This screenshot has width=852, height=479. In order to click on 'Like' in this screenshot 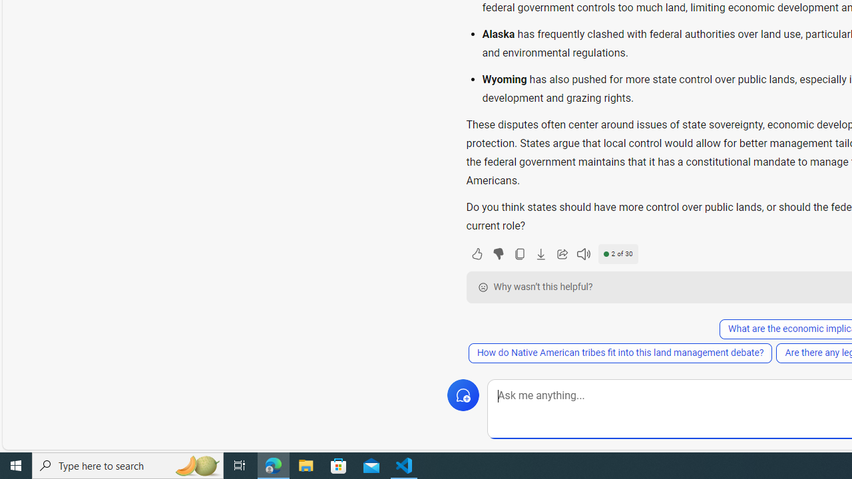, I will do `click(477, 253)`.